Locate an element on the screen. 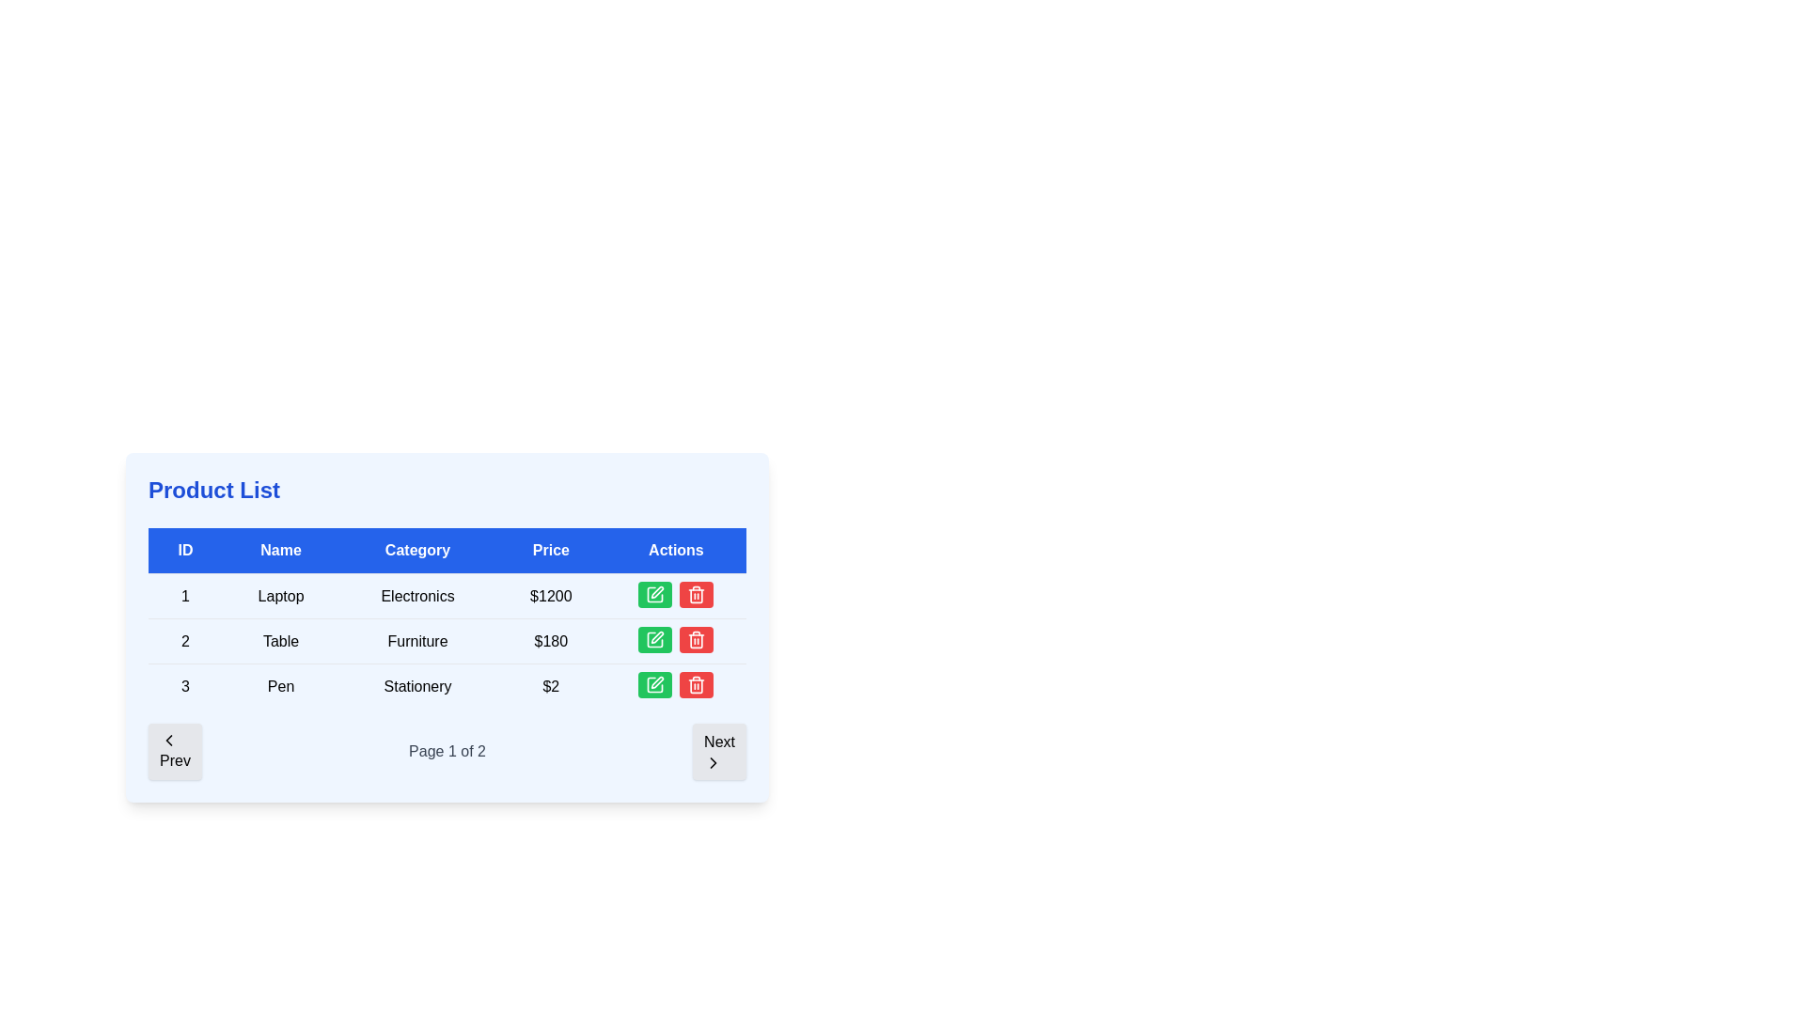 This screenshot has height=1015, width=1805. the 'Actions' header button, which is a rectangular button with a blue background and white text, located in the top-right corner of the table is located at coordinates (676, 550).